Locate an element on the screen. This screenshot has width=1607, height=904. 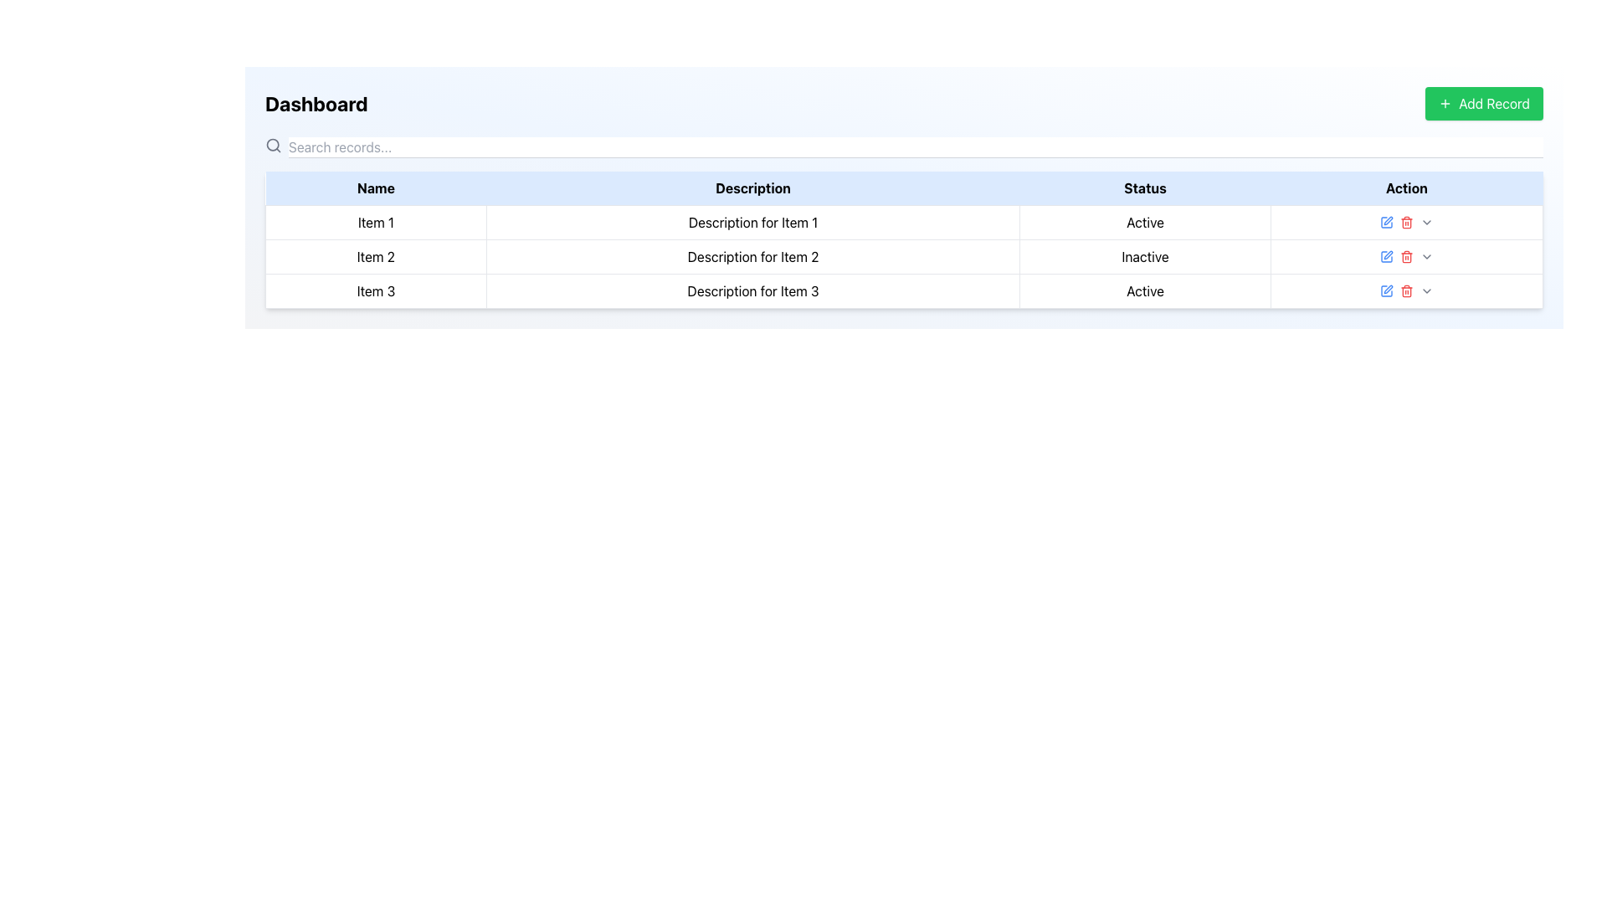
the text label displaying 'Name' in bold, black font, which is the leftmost header in a row of four headers at the top of the table is located at coordinates (375, 188).